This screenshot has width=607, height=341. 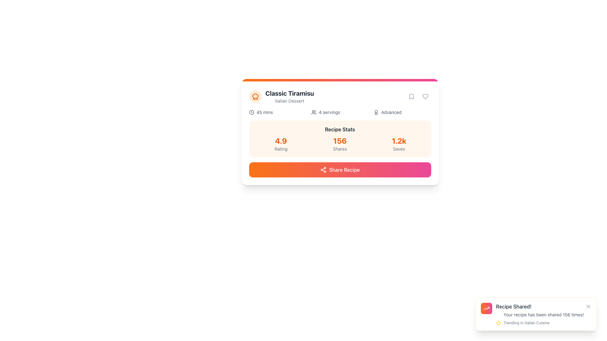 What do you see at coordinates (340, 149) in the screenshot?
I see `the Text Label that indicates the count of shares for the recipe, located directly below the bold number '156' in the 'Recipe Stats' section` at bounding box center [340, 149].